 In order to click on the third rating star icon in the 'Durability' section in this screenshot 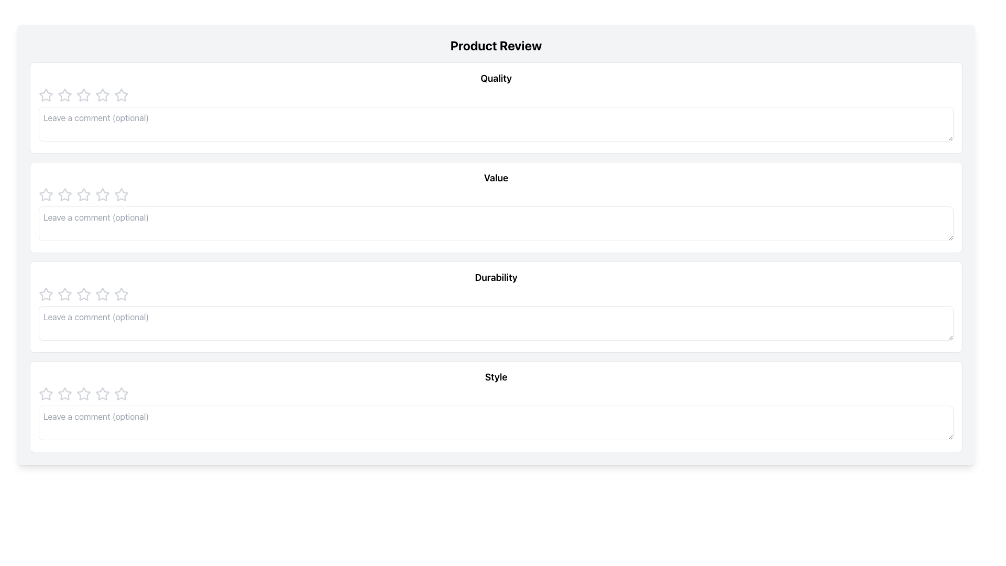, I will do `click(64, 295)`.